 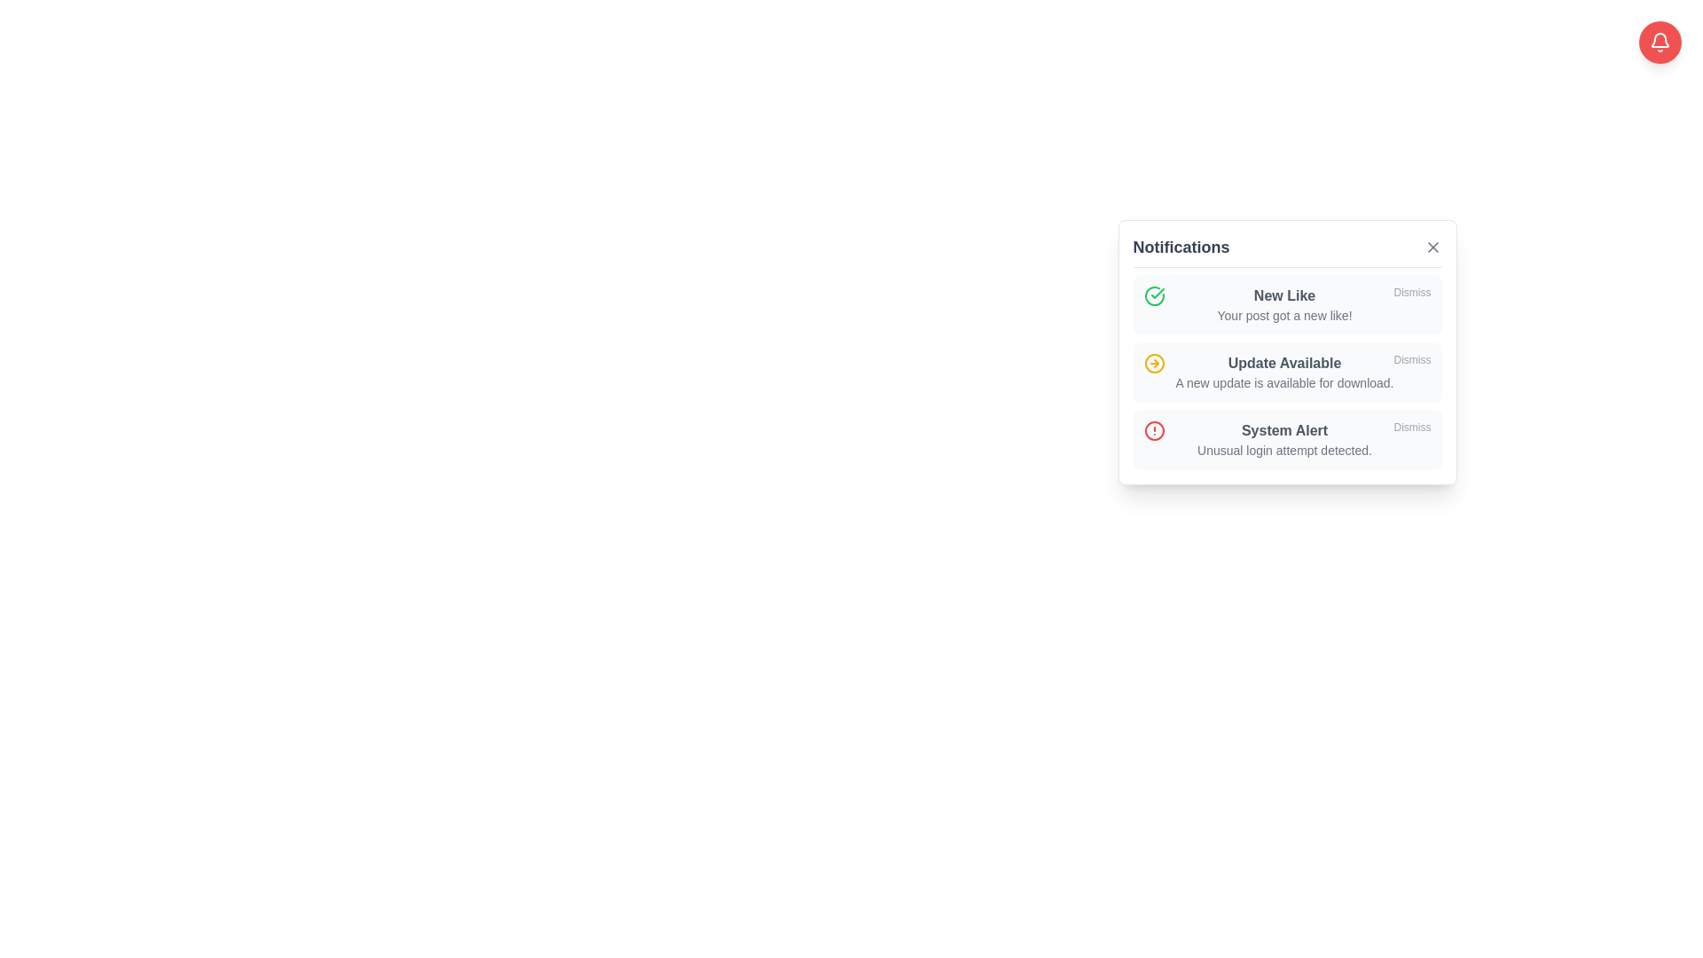 I want to click on the alert icon that indicates a 'System Alert' notification, located at the leftmost part of the 'System Alert' content group, adjacent to the text content and before the dismiss button, so click(x=1154, y=431).